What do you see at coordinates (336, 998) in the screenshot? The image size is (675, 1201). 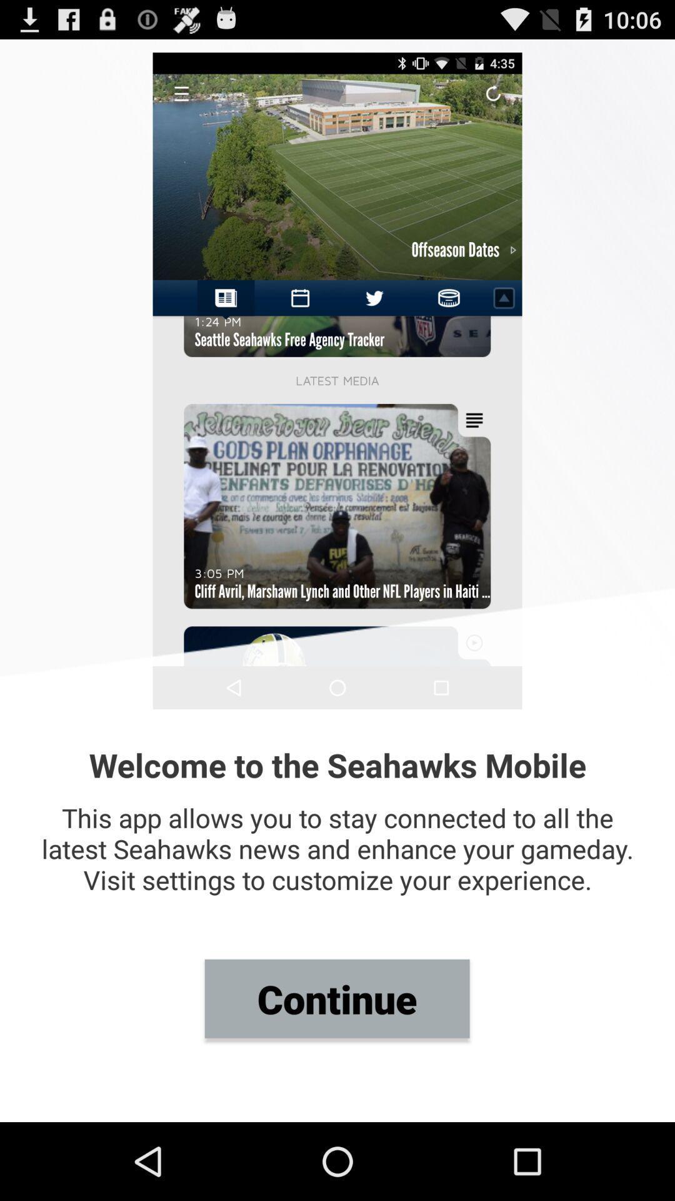 I see `the continue item` at bounding box center [336, 998].